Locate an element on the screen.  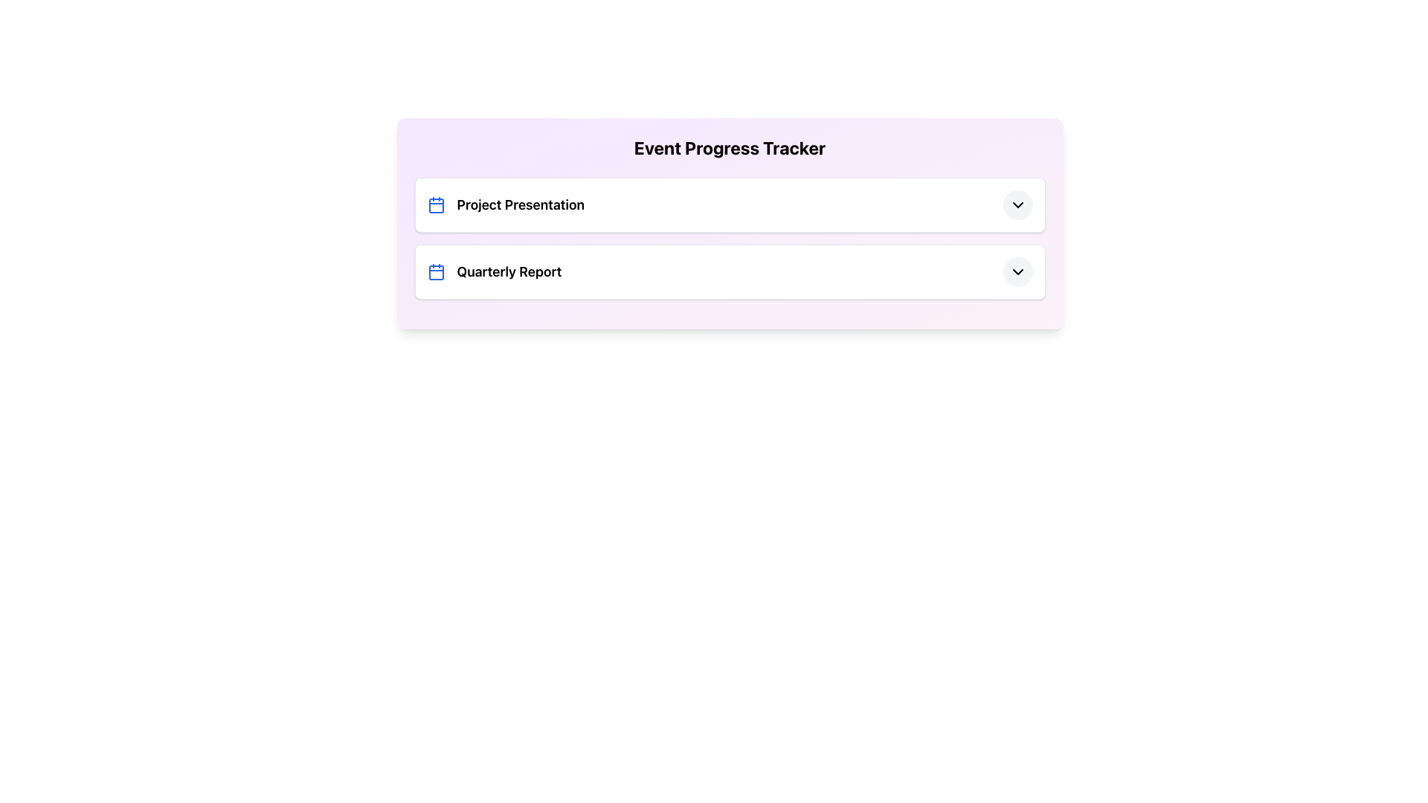
the first card in the list titled 'Project Presentation' is located at coordinates (730, 205).